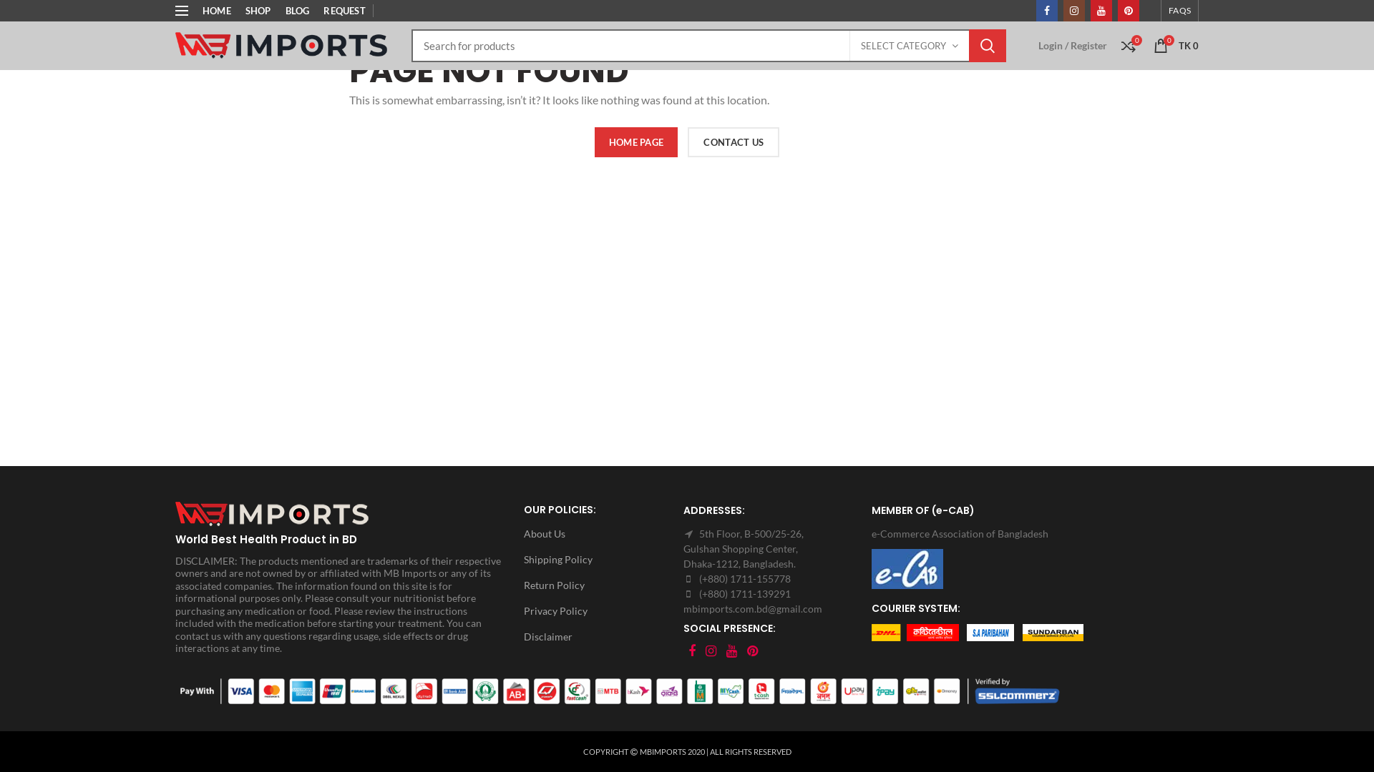  Describe the element at coordinates (731, 650) in the screenshot. I see `'YouTube'` at that location.